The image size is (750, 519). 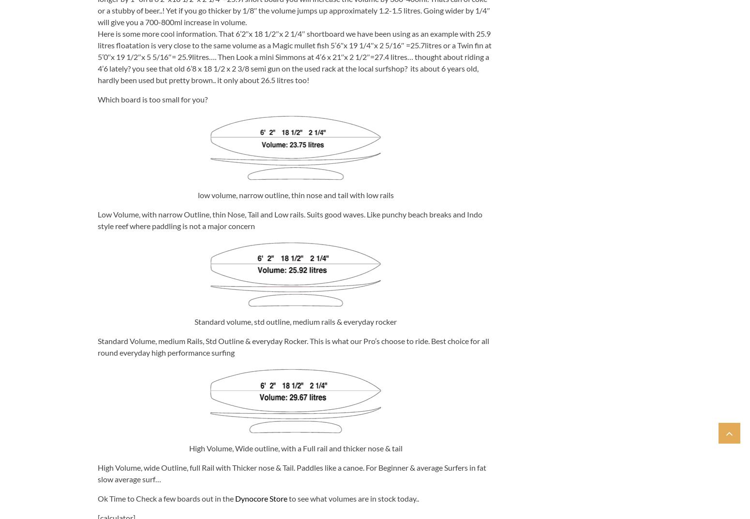 I want to click on 'low volume, narrow outline, thin nose and tail with low rails', so click(x=295, y=194).